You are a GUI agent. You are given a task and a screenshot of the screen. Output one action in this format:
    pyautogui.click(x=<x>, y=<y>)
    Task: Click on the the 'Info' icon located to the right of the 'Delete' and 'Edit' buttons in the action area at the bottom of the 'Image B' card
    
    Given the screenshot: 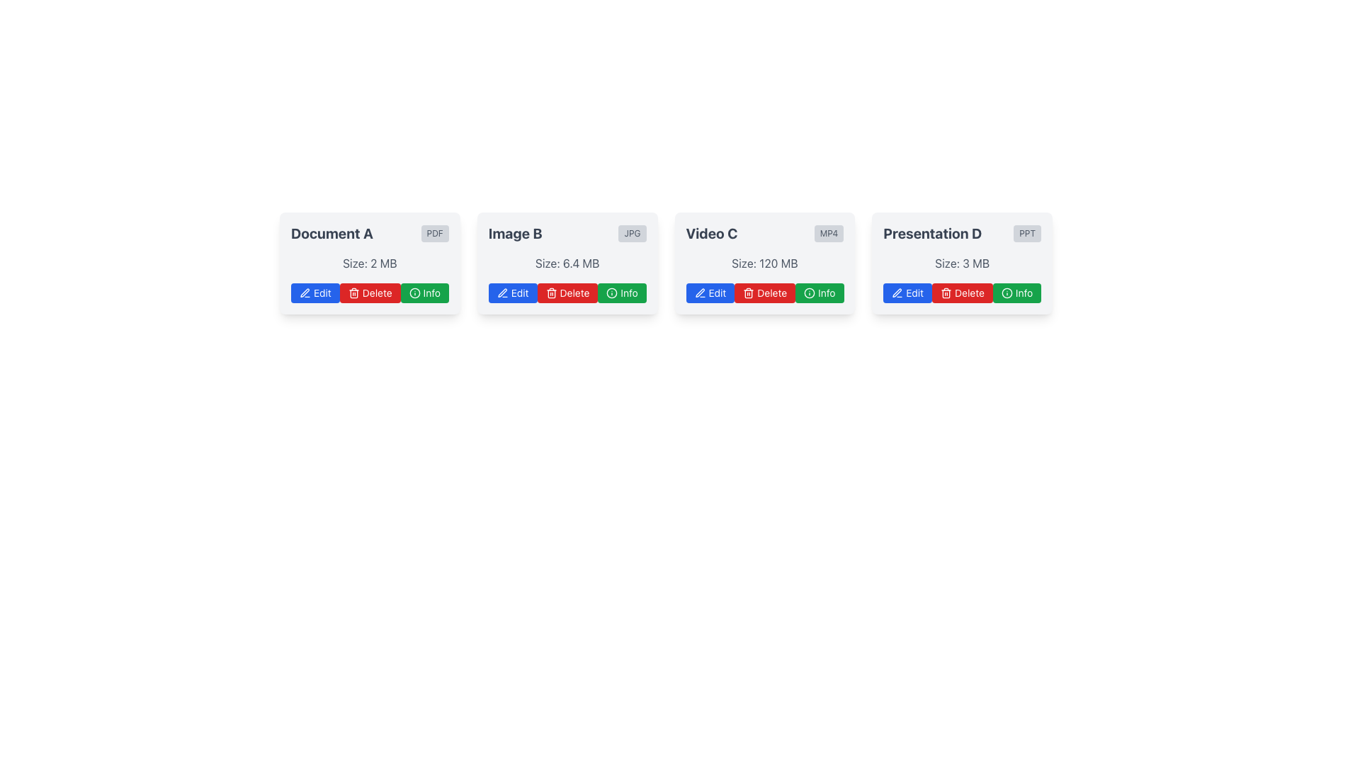 What is the action you would take?
    pyautogui.click(x=414, y=292)
    